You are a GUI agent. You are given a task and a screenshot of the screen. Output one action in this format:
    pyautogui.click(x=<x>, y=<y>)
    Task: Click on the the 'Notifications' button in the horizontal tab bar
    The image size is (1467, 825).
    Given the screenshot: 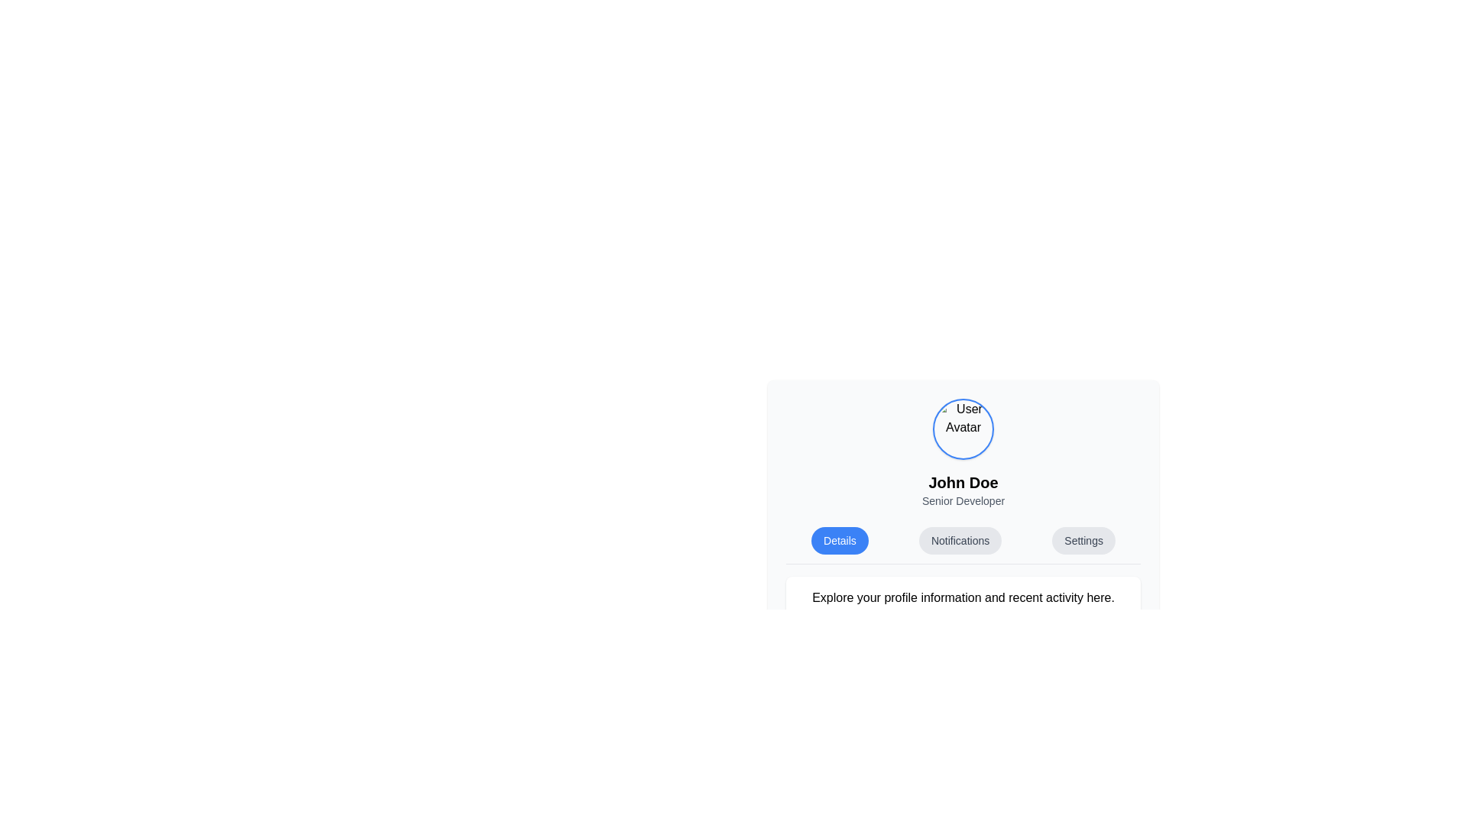 What is the action you would take?
    pyautogui.click(x=963, y=544)
    